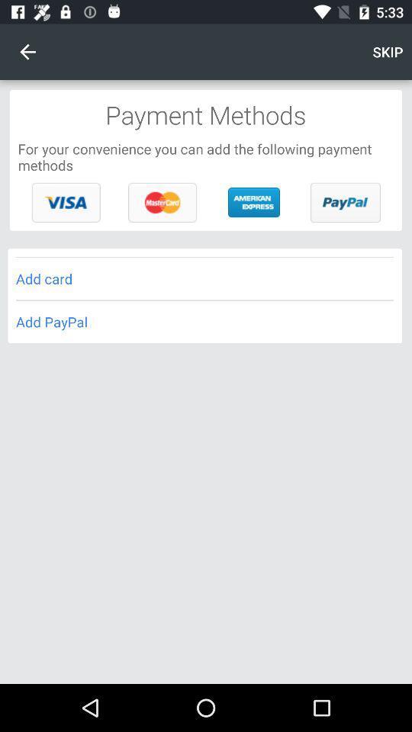  What do you see at coordinates (388, 52) in the screenshot?
I see `the skip item` at bounding box center [388, 52].